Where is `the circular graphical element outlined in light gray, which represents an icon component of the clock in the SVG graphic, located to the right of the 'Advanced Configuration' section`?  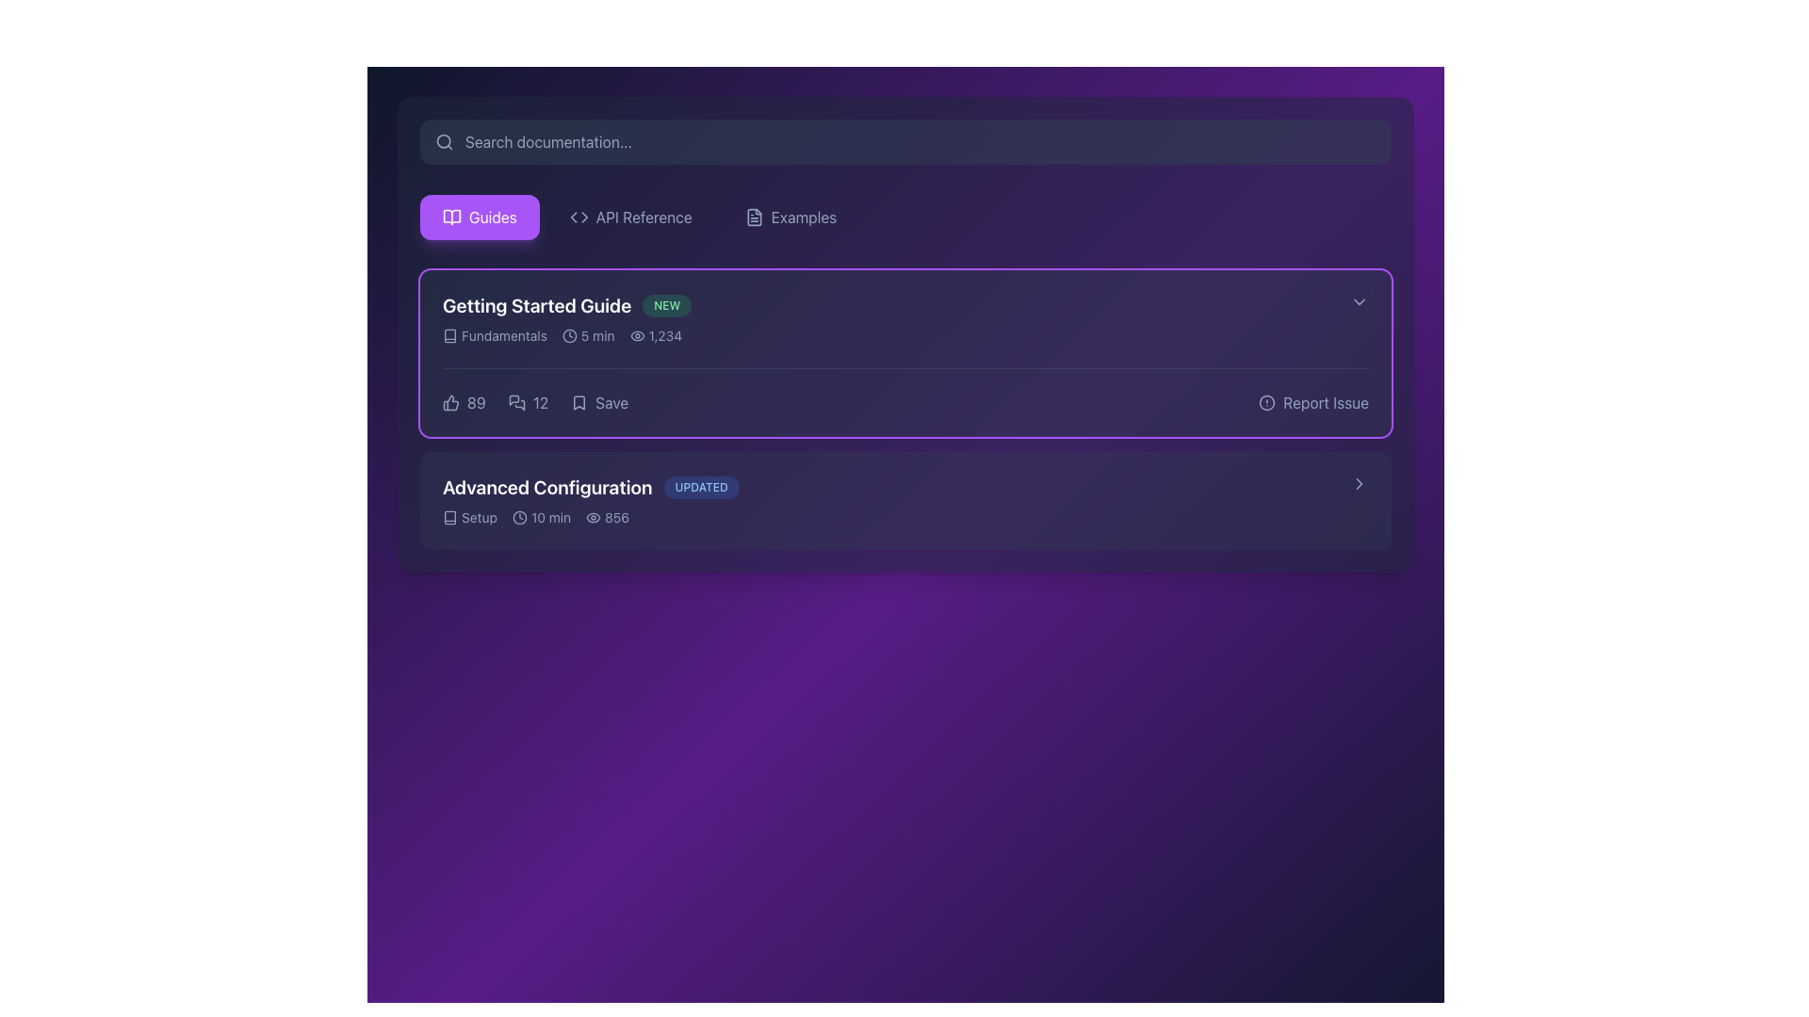
the circular graphical element outlined in light gray, which represents an icon component of the clock in the SVG graphic, located to the right of the 'Advanced Configuration' section is located at coordinates (520, 518).